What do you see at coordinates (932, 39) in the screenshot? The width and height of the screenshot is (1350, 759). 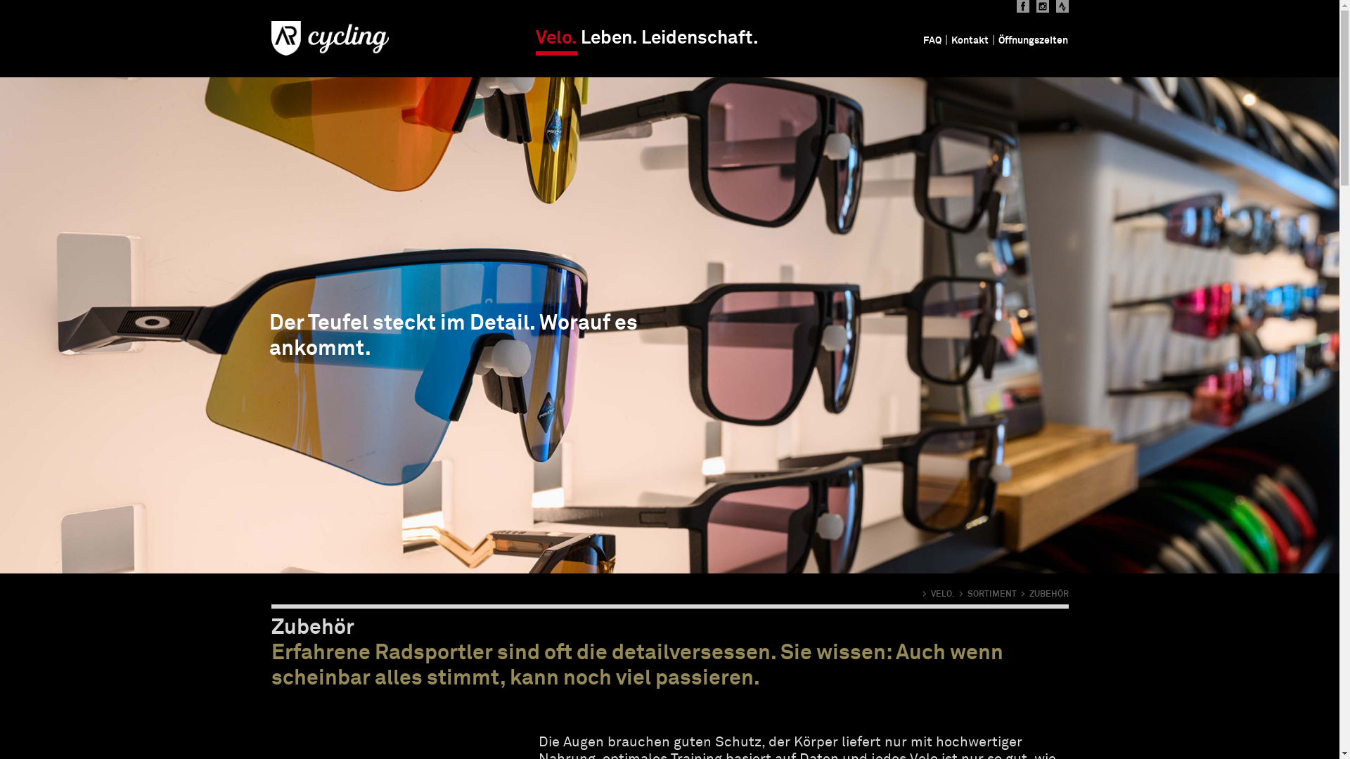 I see `'FAQ'` at bounding box center [932, 39].